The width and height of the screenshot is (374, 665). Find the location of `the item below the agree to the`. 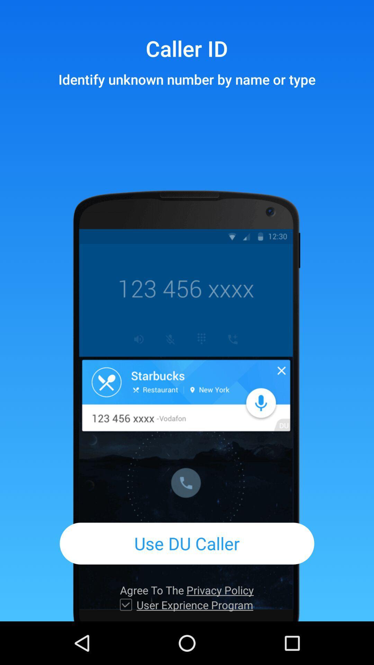

the item below the agree to the is located at coordinates (126, 604).